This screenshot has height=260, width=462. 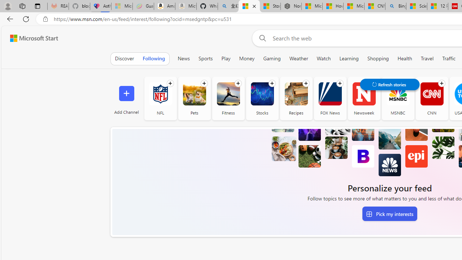 I want to click on 'How I Got Rid of Microsoft Edge', so click(x=332, y=6).